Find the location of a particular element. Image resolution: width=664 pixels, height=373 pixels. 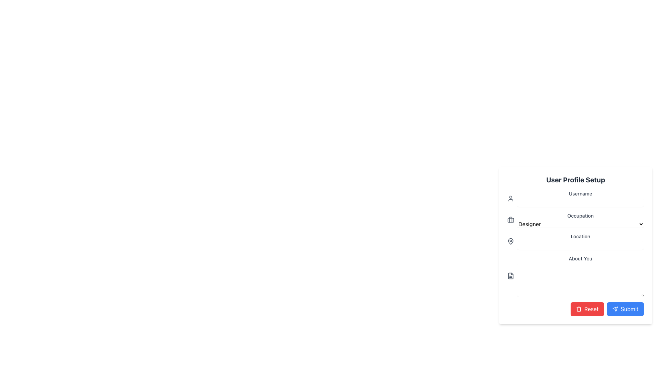

the graphical icon component shaped like a briefcase, which is located to the left of the 'Occupation' dropdown field in the User Profile Setup interface is located at coordinates (511, 220).